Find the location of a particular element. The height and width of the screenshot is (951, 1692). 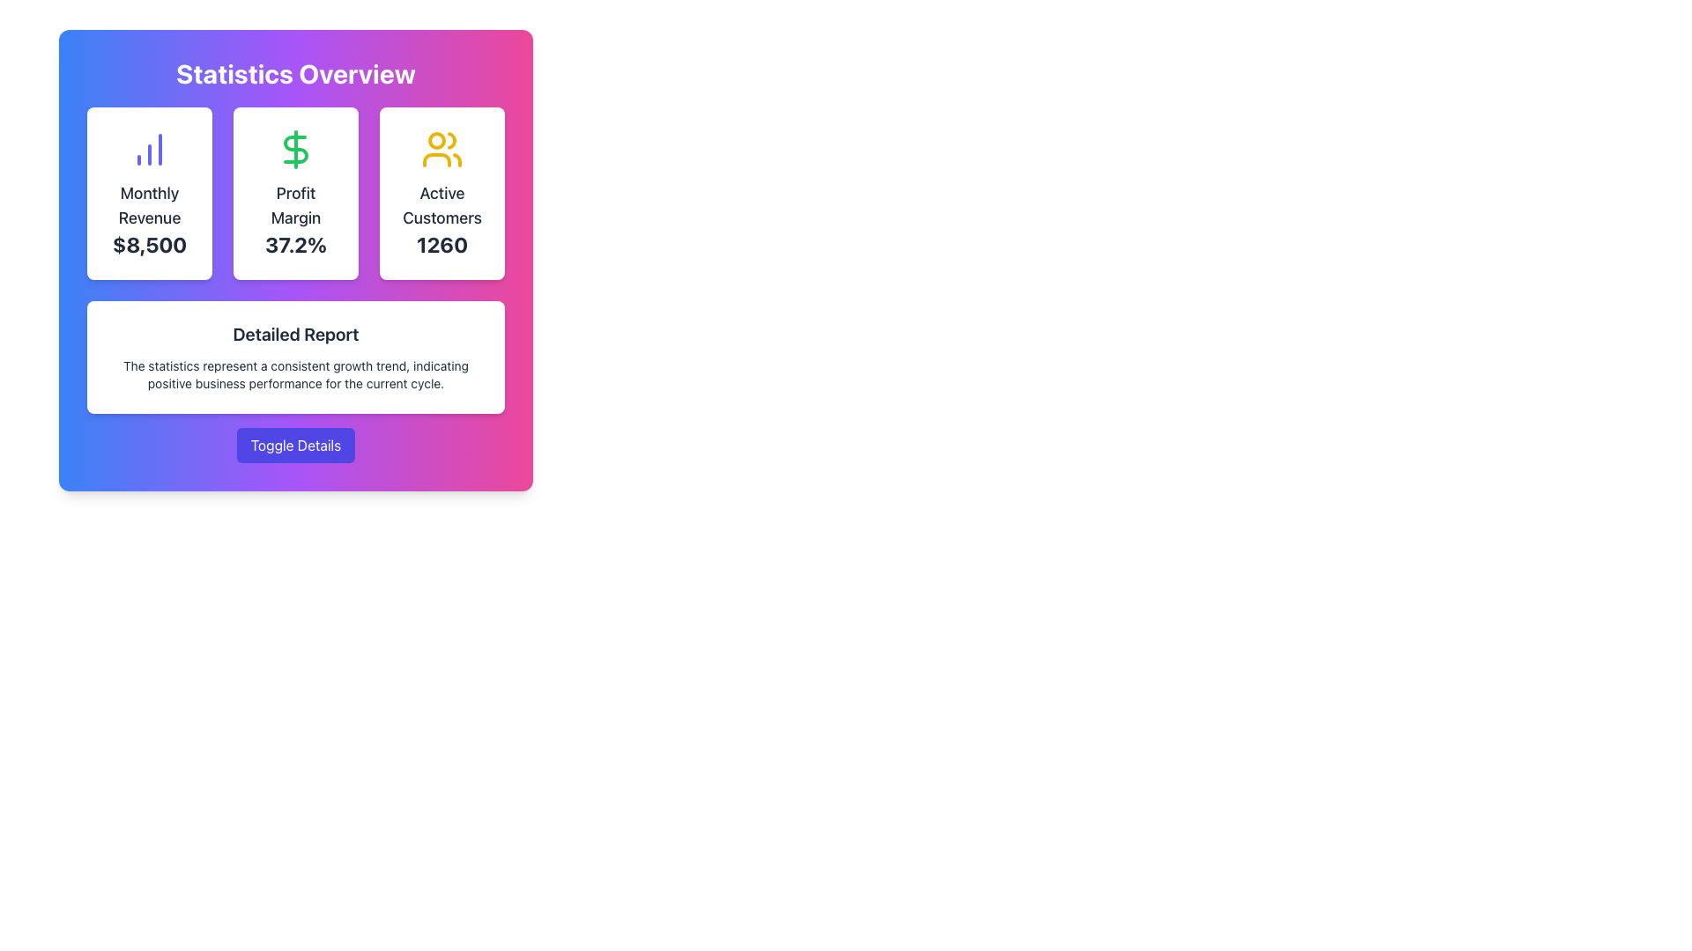

the paragraph text element that conveys a message about a consistent growth trend and positive business performance, located under the 'Detailed Report' heading is located at coordinates (296, 373).